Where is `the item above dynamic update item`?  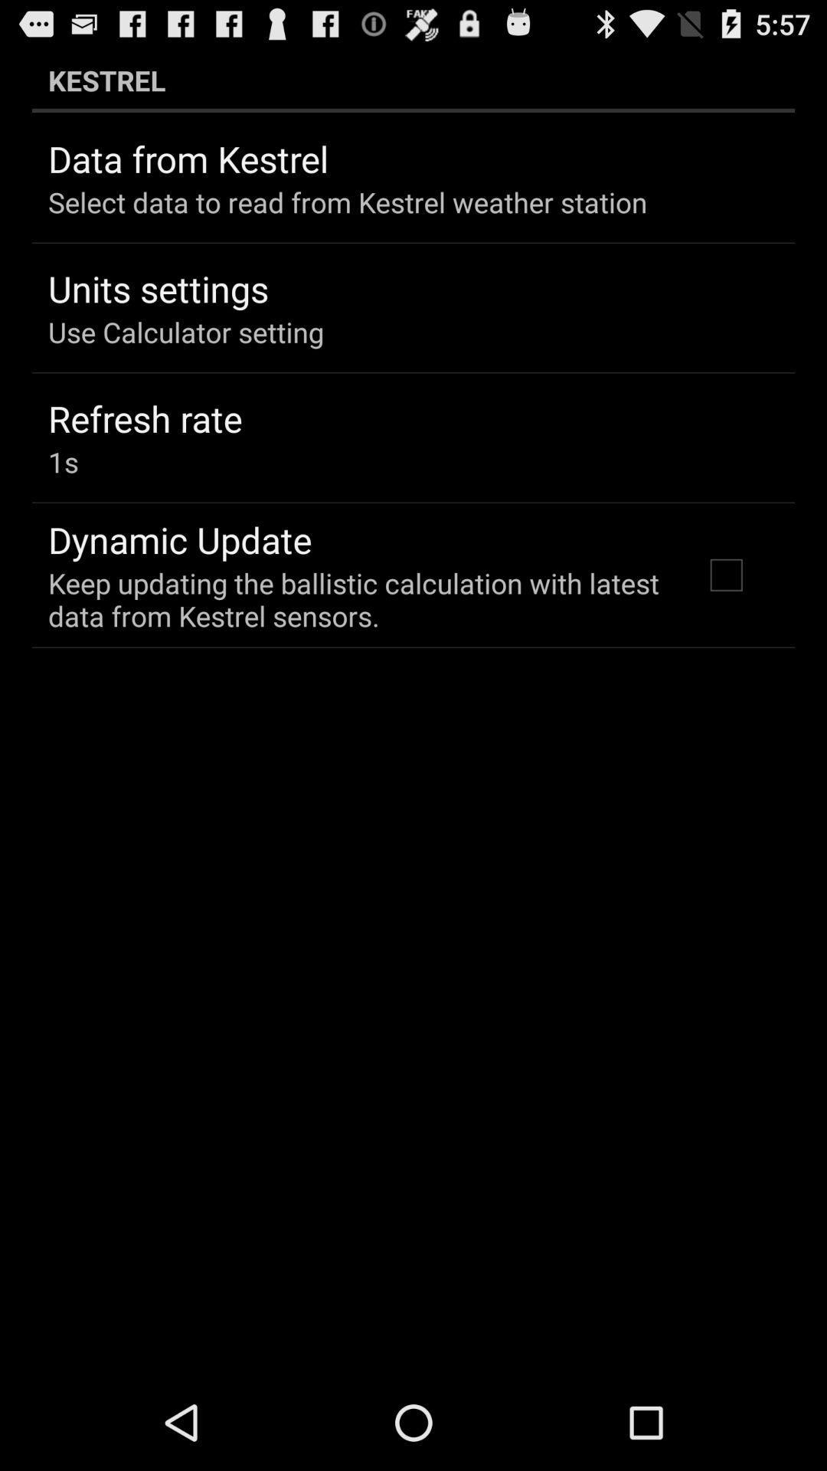 the item above dynamic update item is located at coordinates (62, 461).